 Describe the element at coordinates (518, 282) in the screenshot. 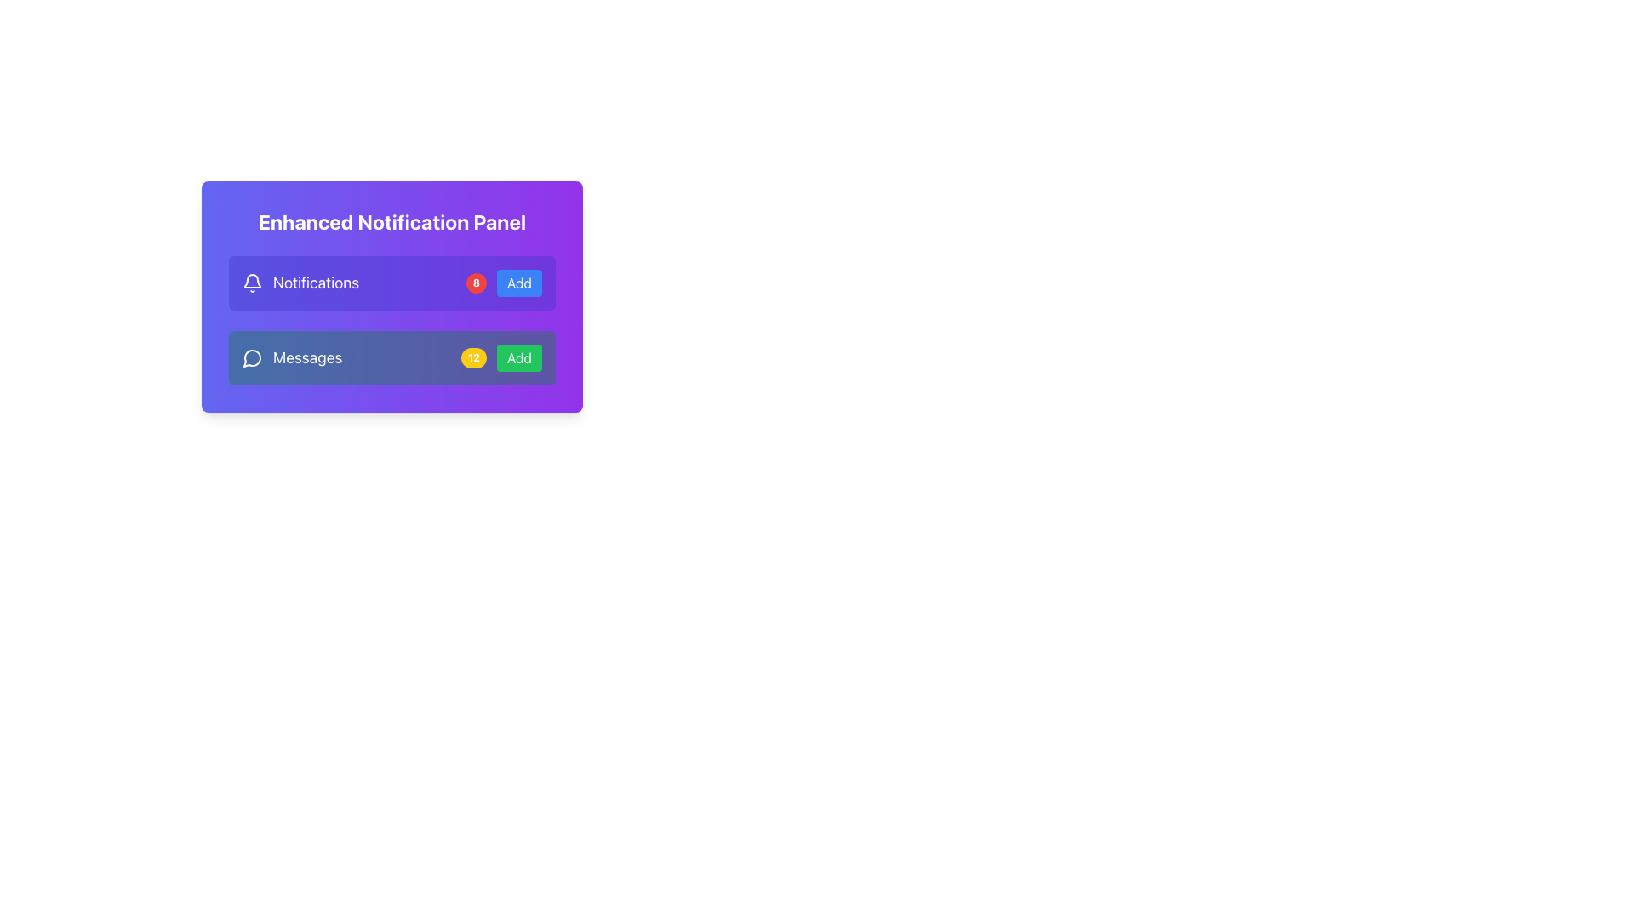

I see `the button located next to the 'Notifications' text in the purple panel` at that location.